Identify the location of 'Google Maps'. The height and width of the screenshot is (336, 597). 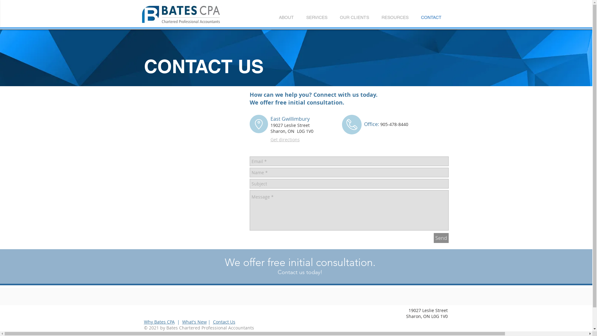
(191, 159).